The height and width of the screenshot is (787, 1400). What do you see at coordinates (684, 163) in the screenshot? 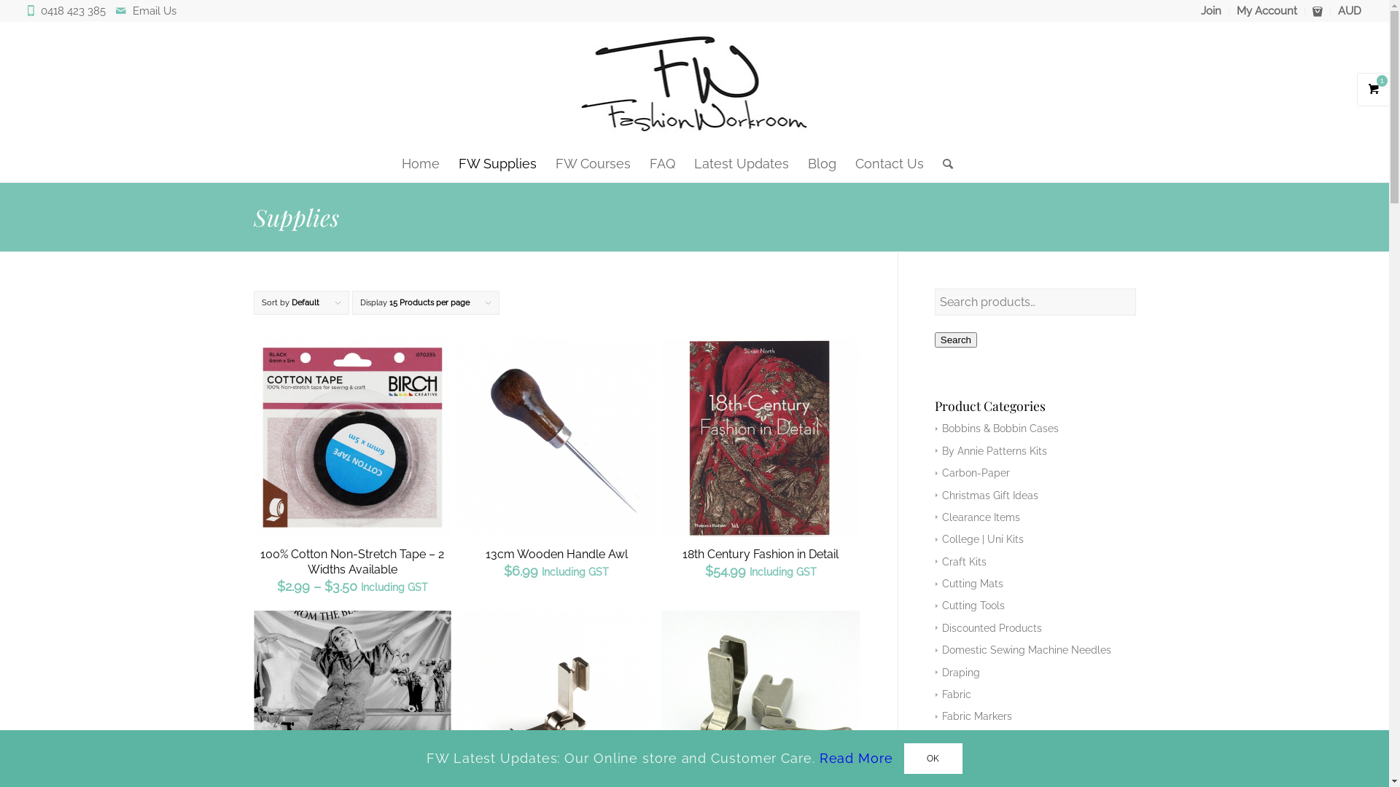
I see `'Latest Updates'` at bounding box center [684, 163].